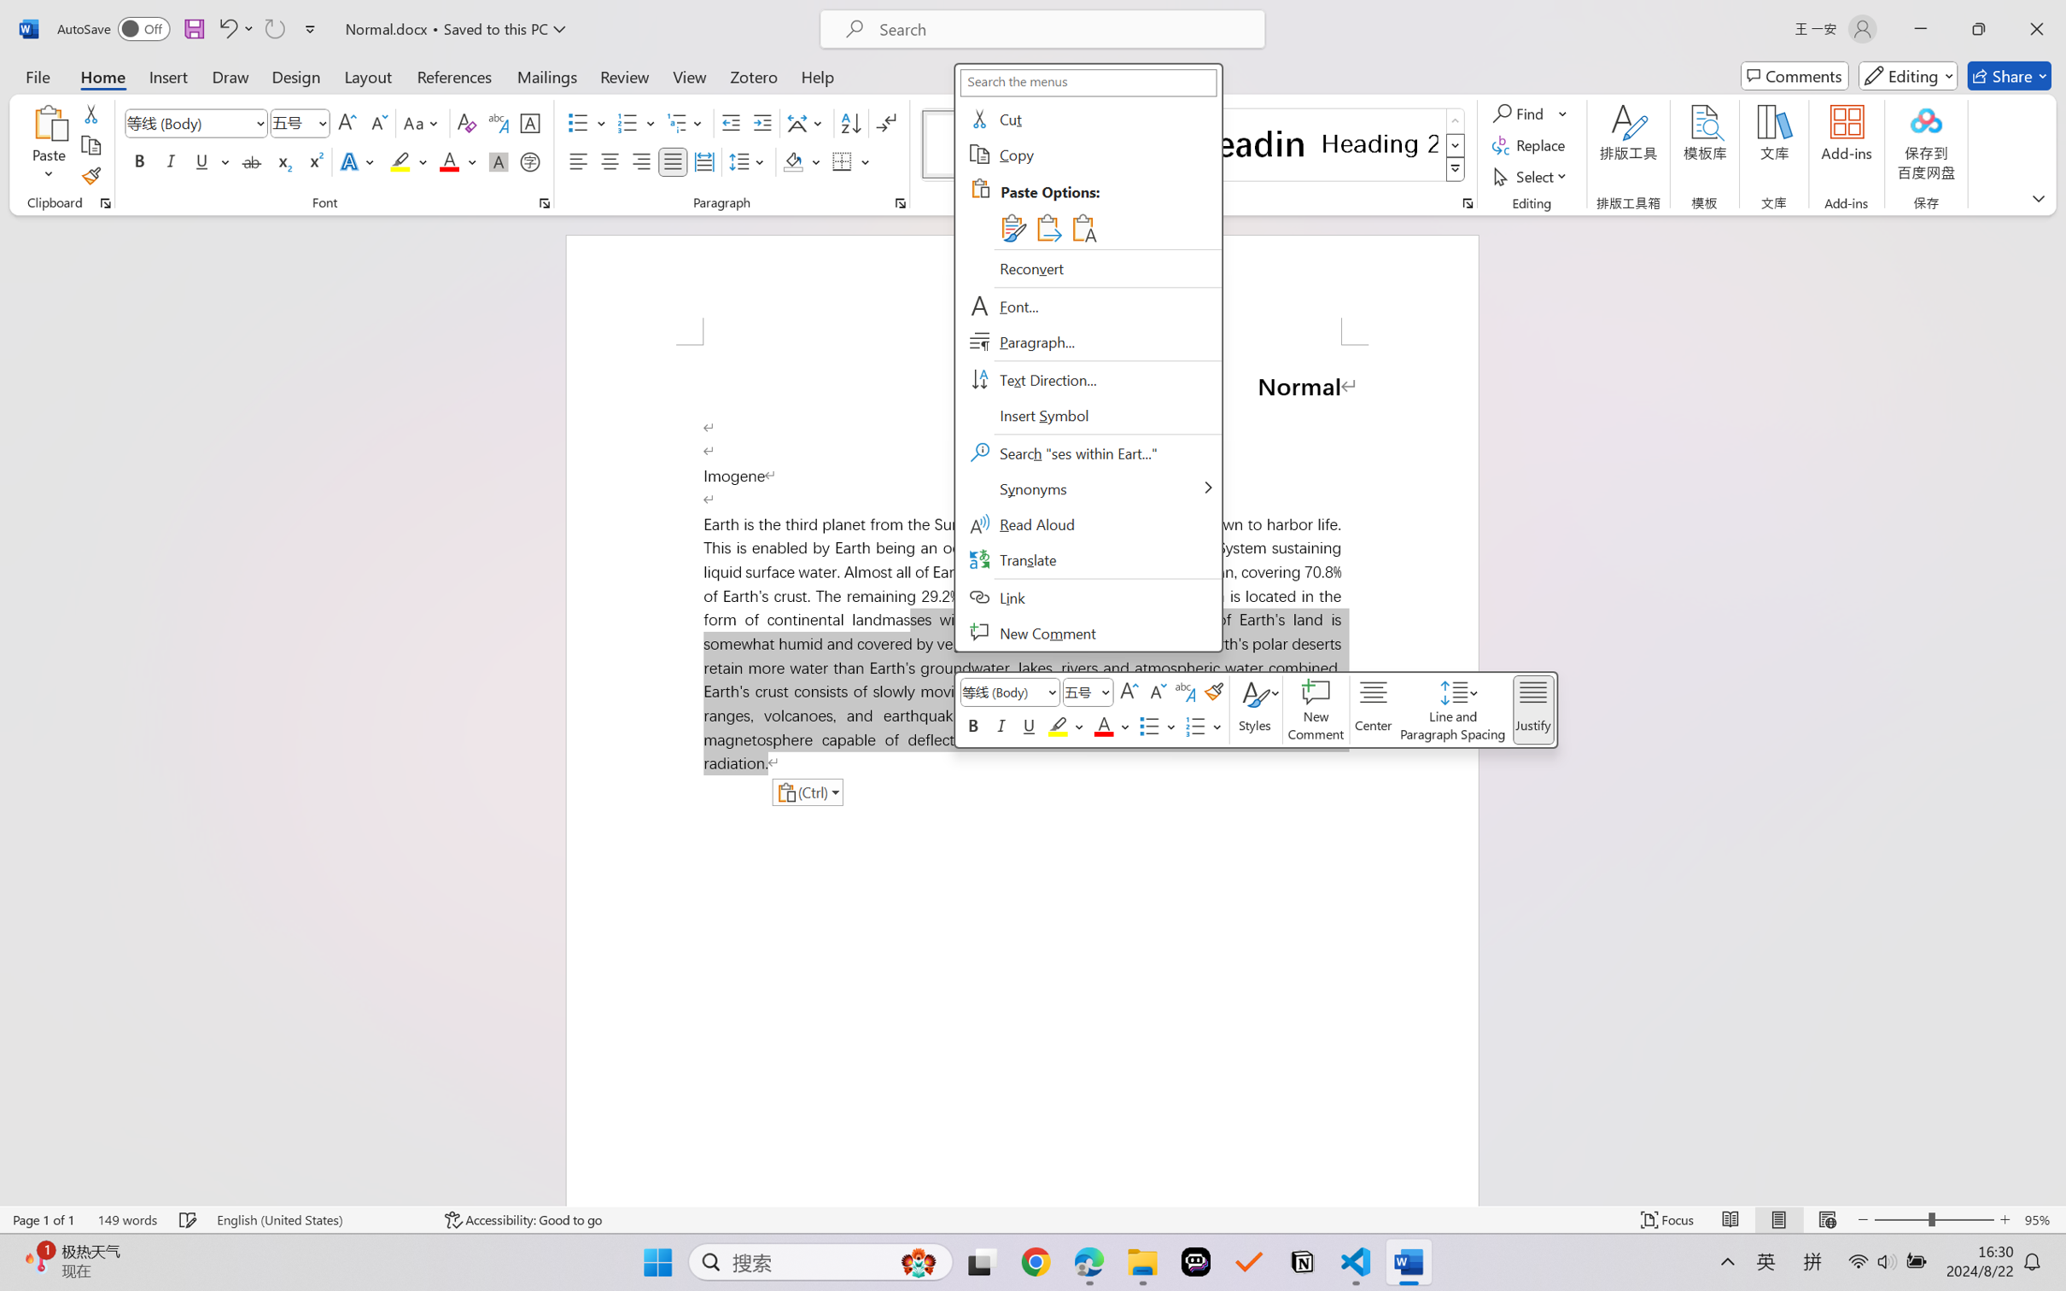 The image size is (2066, 1291). Describe the element at coordinates (731, 123) in the screenshot. I see `'Decrease Indent'` at that location.